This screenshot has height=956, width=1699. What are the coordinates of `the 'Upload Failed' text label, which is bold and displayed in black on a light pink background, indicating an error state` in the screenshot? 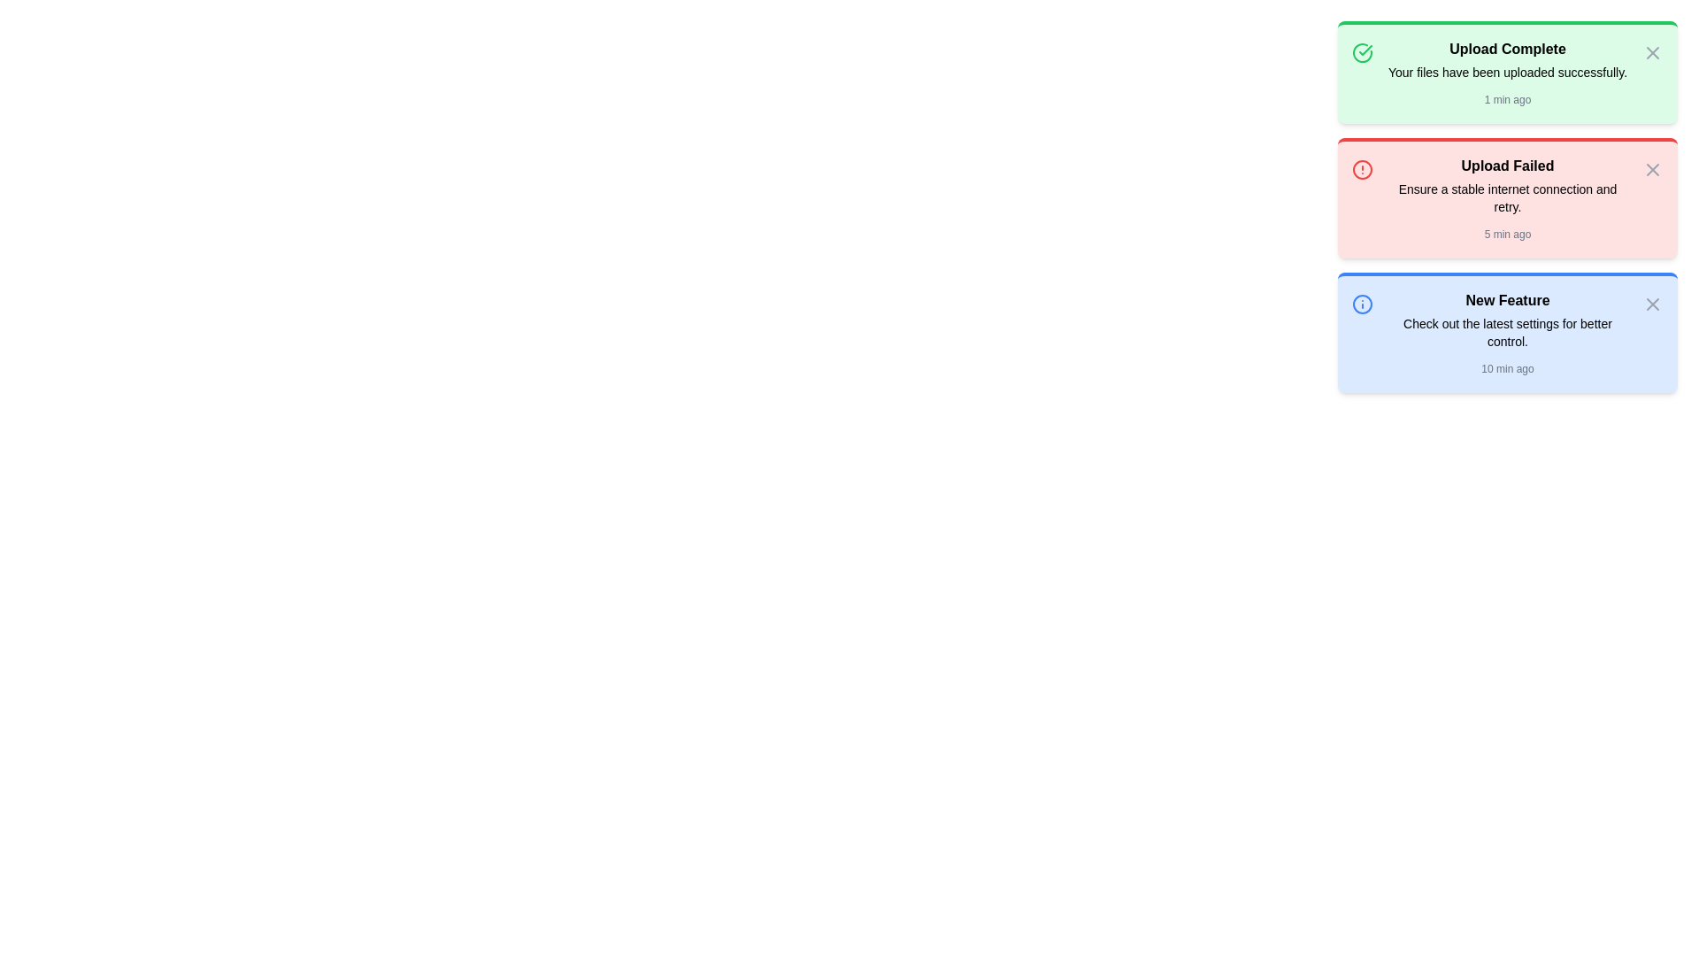 It's located at (1507, 166).